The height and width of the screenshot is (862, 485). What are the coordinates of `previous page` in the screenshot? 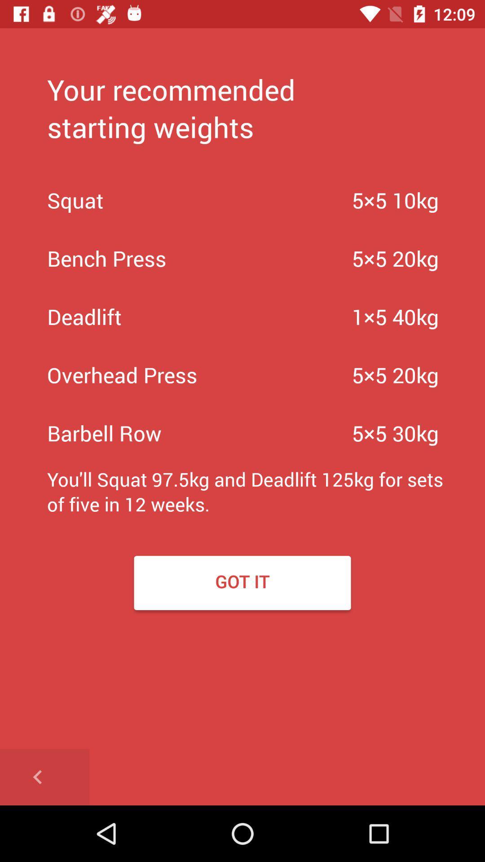 It's located at (44, 777).